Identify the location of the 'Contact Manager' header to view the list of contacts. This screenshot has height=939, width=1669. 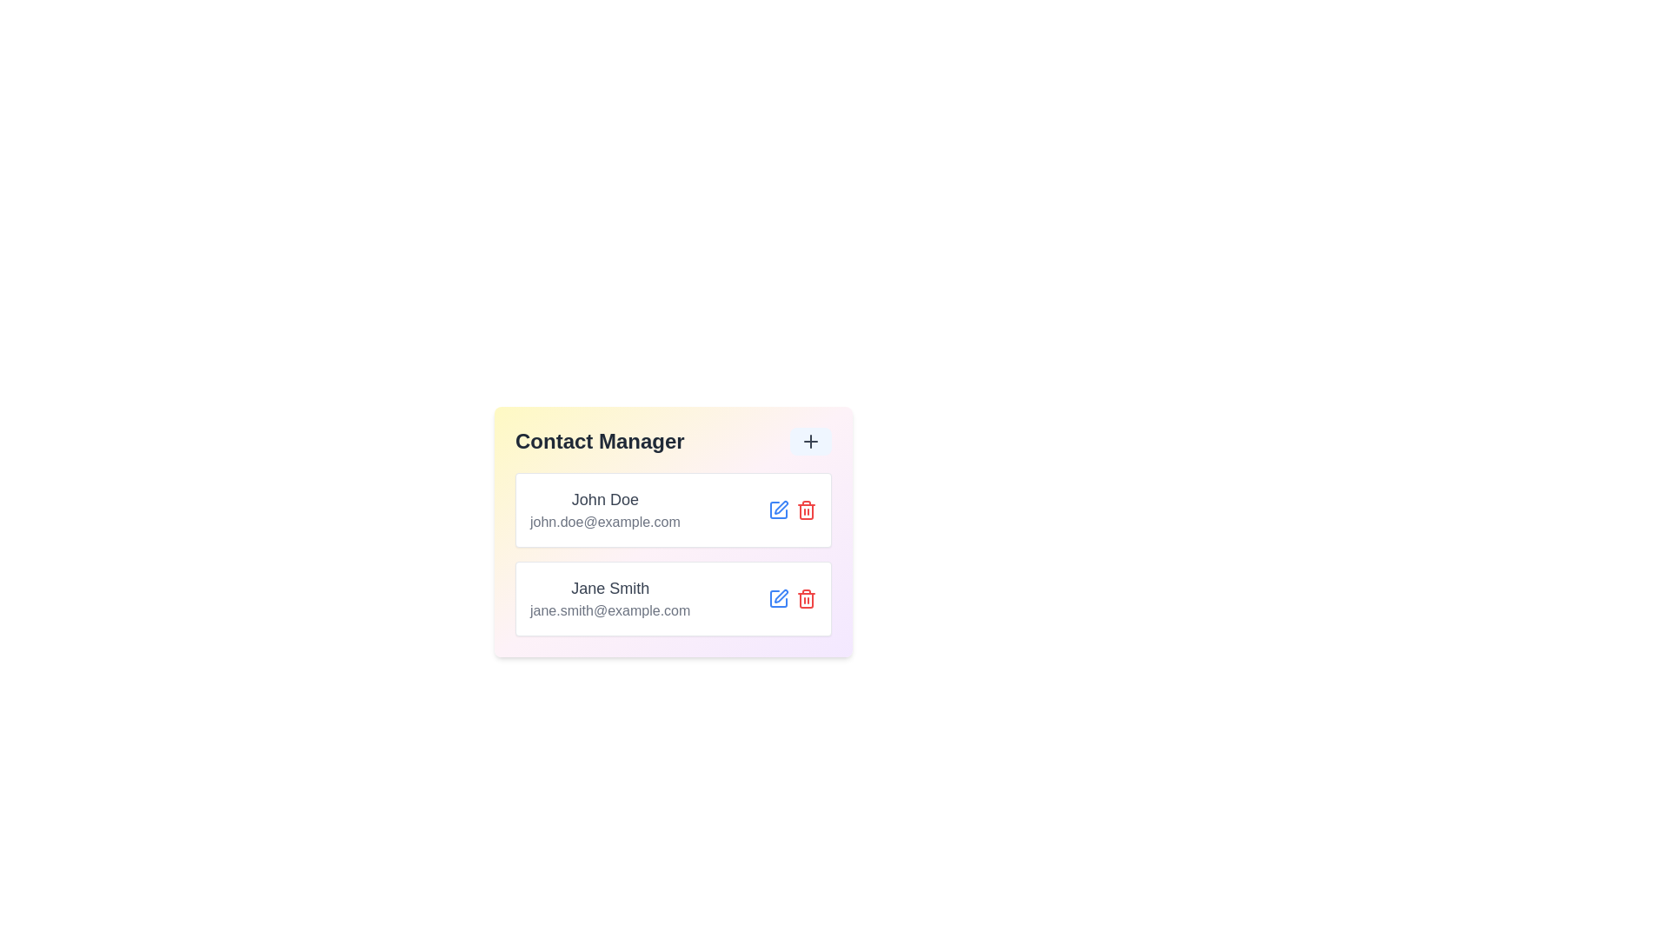
(600, 441).